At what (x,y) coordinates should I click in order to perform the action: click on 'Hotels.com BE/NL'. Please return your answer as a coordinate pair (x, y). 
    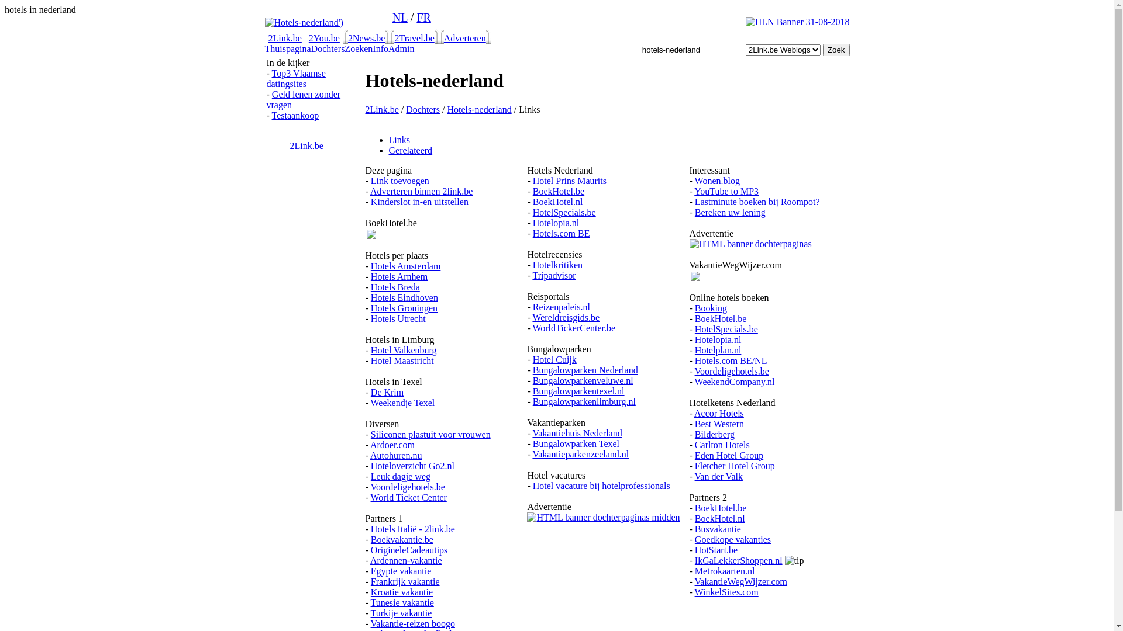
    Looking at the image, I should click on (730, 360).